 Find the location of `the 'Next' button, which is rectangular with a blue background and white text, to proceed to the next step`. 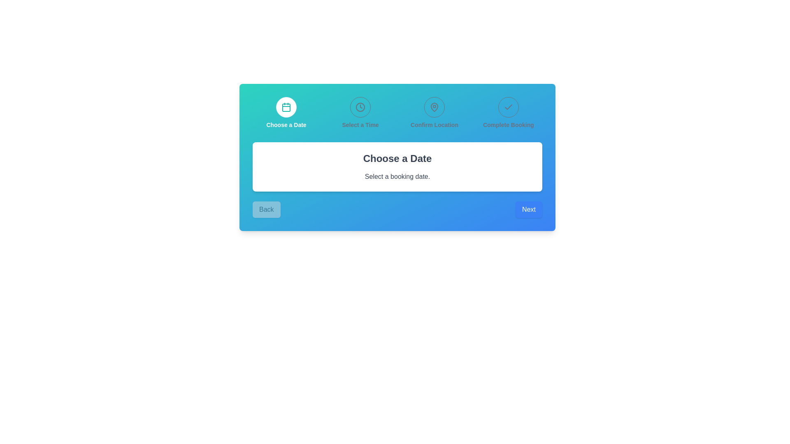

the 'Next' button, which is rectangular with a blue background and white text, to proceed to the next step is located at coordinates (529, 209).